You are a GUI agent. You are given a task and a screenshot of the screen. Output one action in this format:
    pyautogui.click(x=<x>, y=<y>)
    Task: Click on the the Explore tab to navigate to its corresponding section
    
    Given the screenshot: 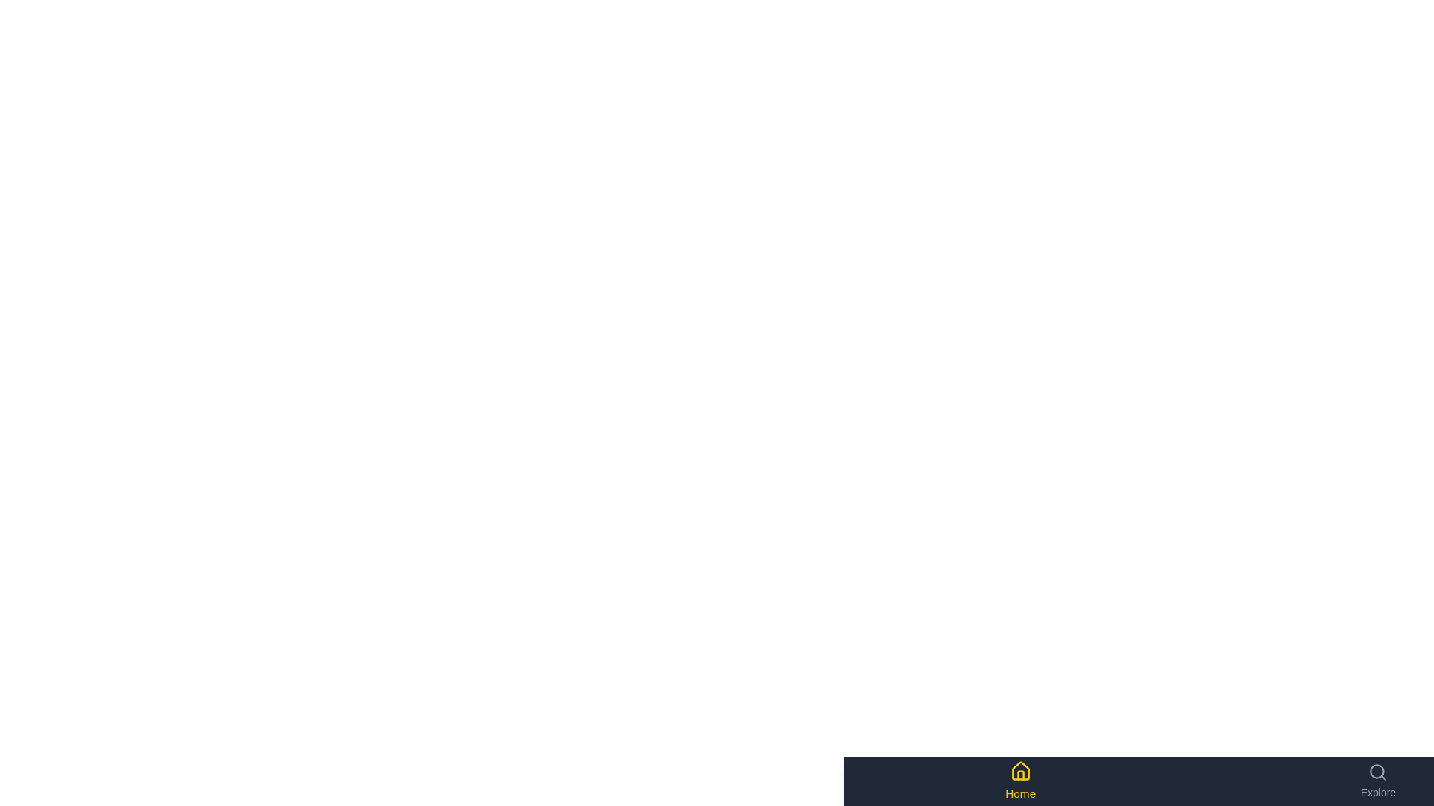 What is the action you would take?
    pyautogui.click(x=1377, y=780)
    